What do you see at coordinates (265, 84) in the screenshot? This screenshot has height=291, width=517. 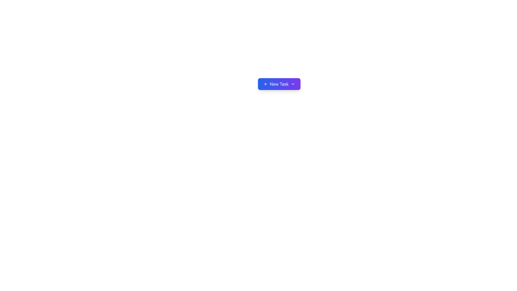 I see `the icon located to the left of the 'New Task' text, which indicates the button for adding or creating new tasks` at bounding box center [265, 84].